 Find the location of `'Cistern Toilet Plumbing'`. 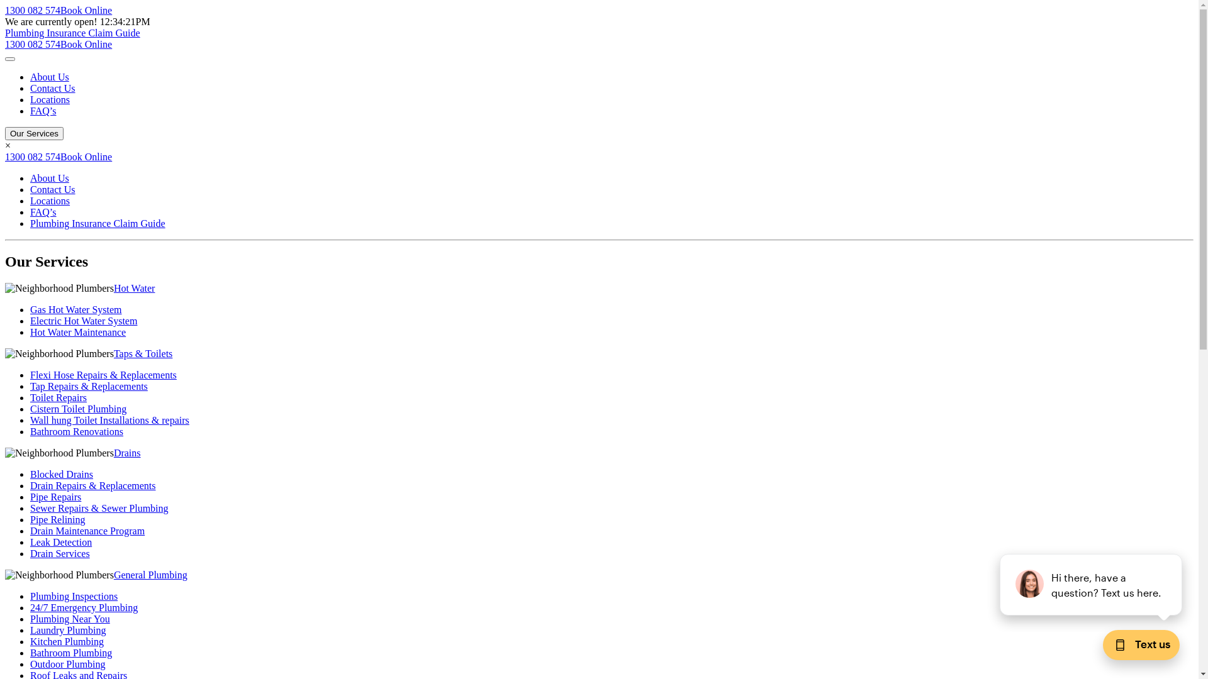

'Cistern Toilet Plumbing' is located at coordinates (77, 409).